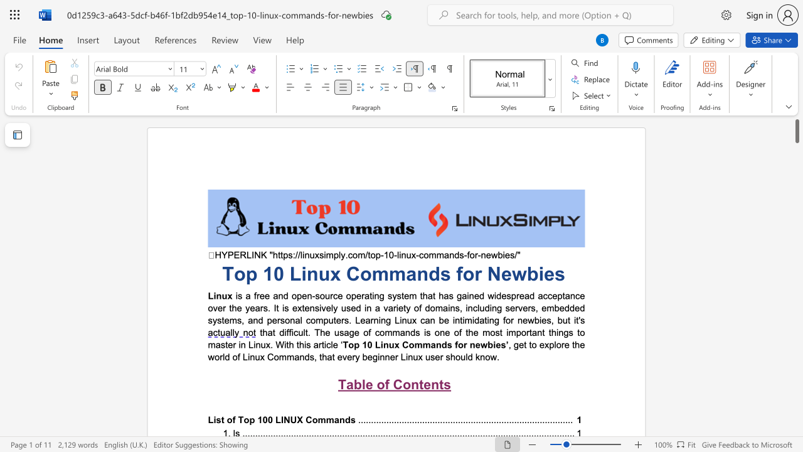 The width and height of the screenshot is (803, 452). I want to click on the space between the continuous character "e" and "s" in the text, so click(500, 345).